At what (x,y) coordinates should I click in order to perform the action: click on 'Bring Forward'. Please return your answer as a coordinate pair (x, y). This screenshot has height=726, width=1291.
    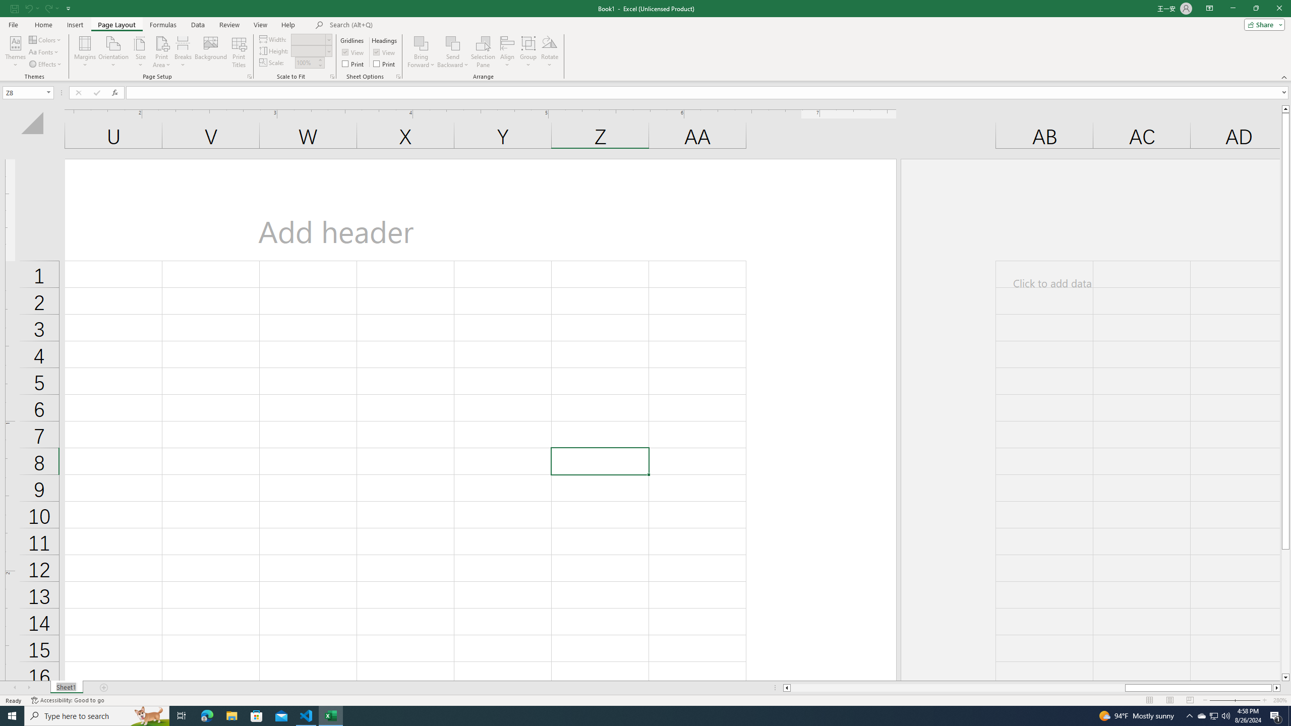
    Looking at the image, I should click on (421, 52).